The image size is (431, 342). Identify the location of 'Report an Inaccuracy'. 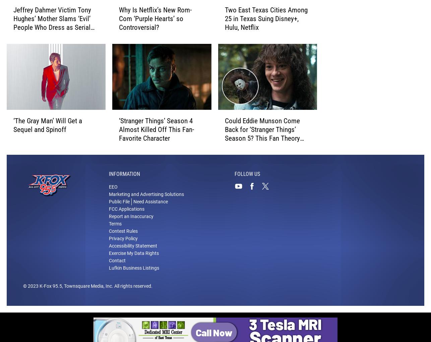
(131, 216).